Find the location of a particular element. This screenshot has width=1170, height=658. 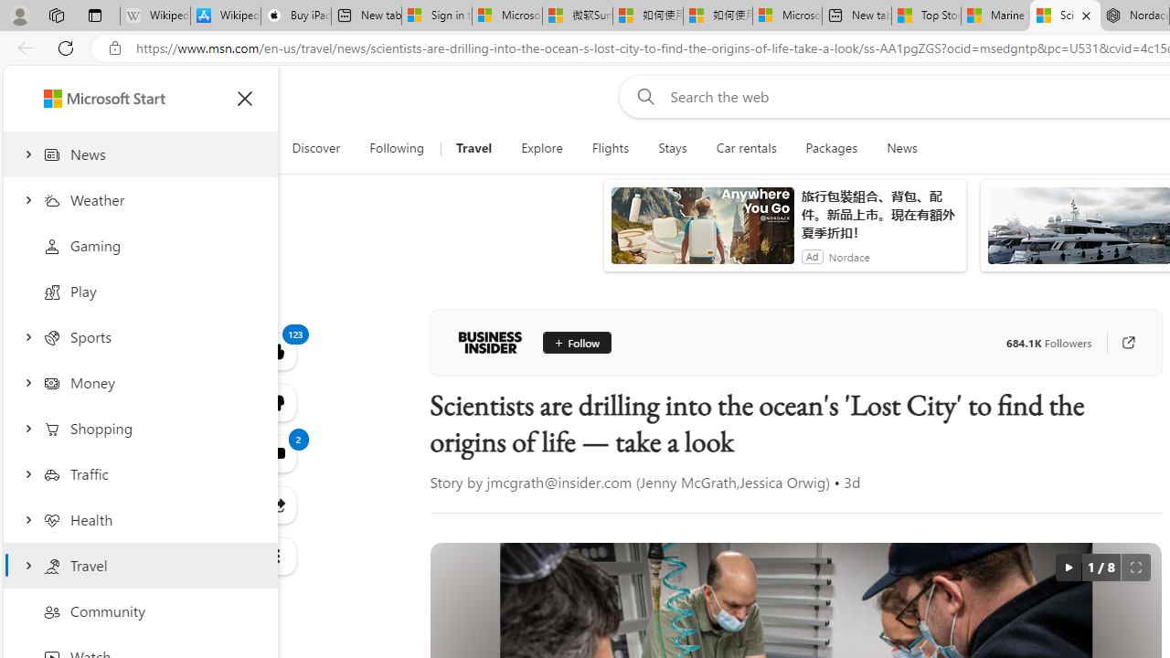

'Flights' is located at coordinates (610, 148).